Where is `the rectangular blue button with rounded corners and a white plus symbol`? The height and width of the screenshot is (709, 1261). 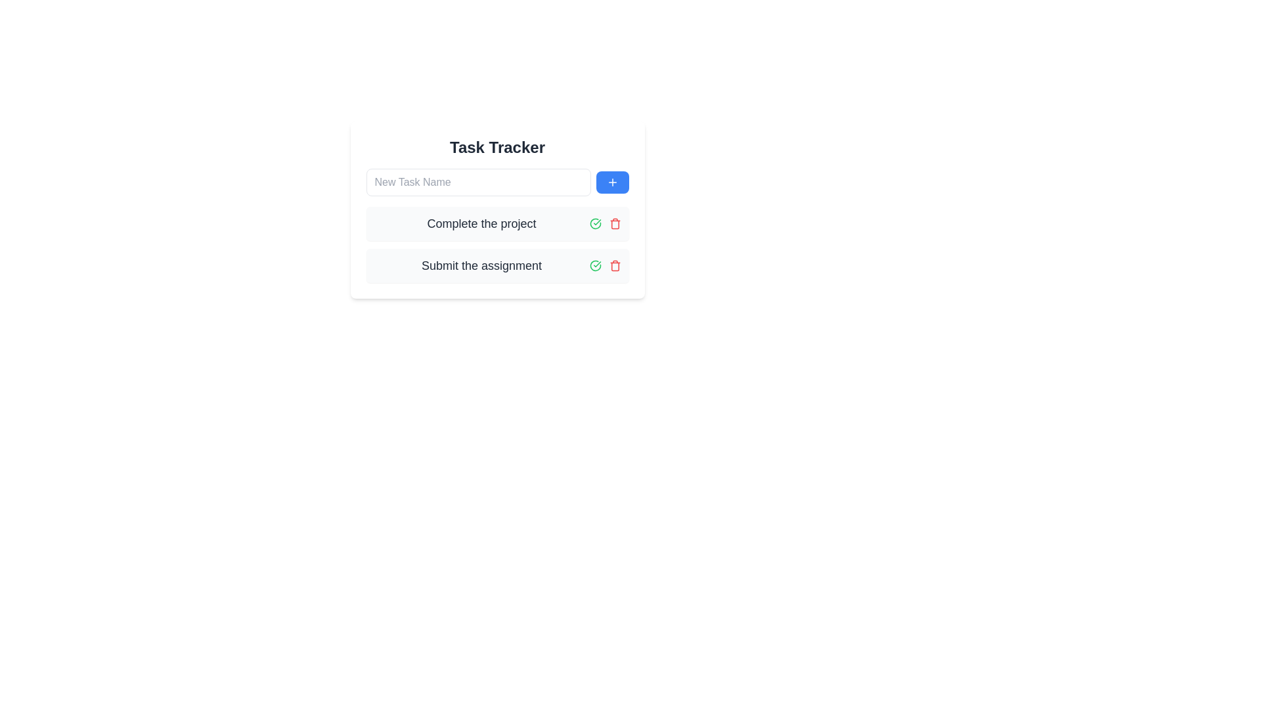
the rectangular blue button with rounded corners and a white plus symbol is located at coordinates (611, 182).